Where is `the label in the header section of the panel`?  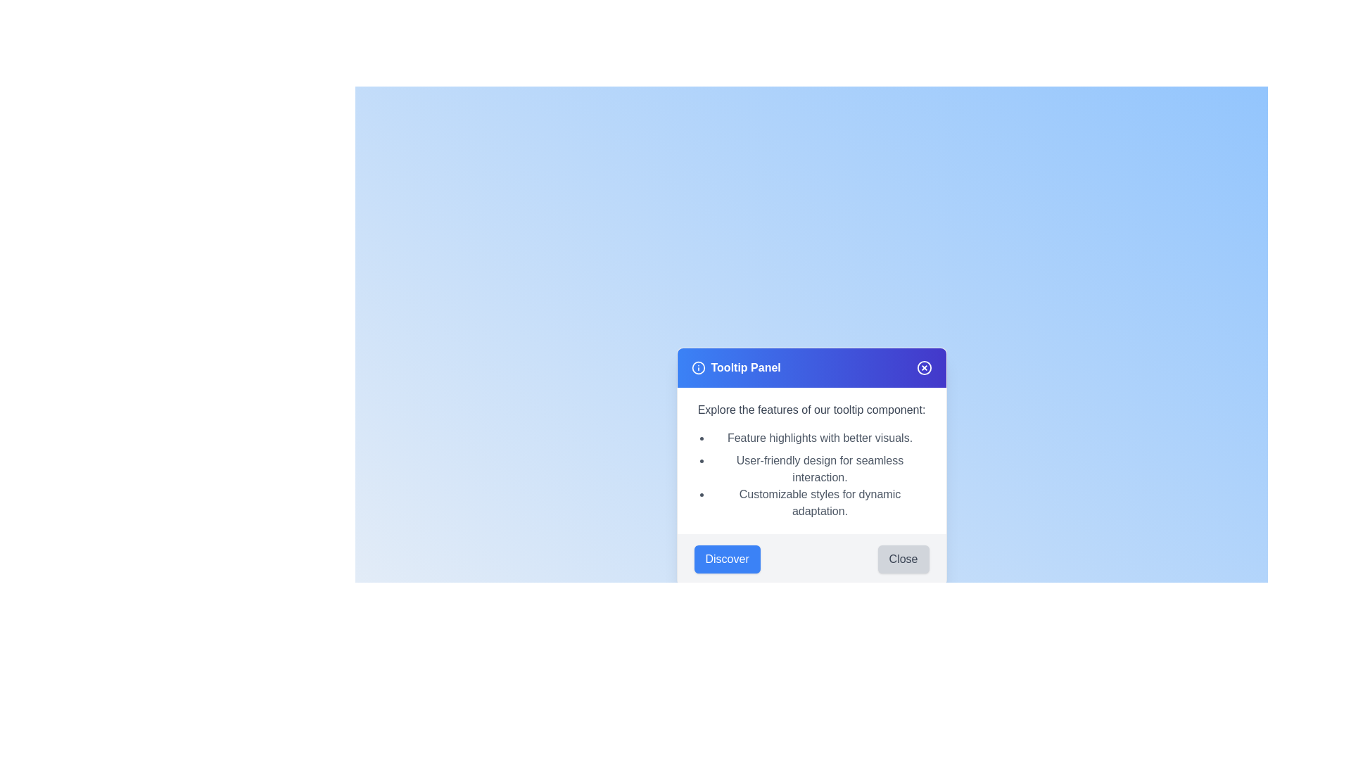 the label in the header section of the panel is located at coordinates (735, 367).